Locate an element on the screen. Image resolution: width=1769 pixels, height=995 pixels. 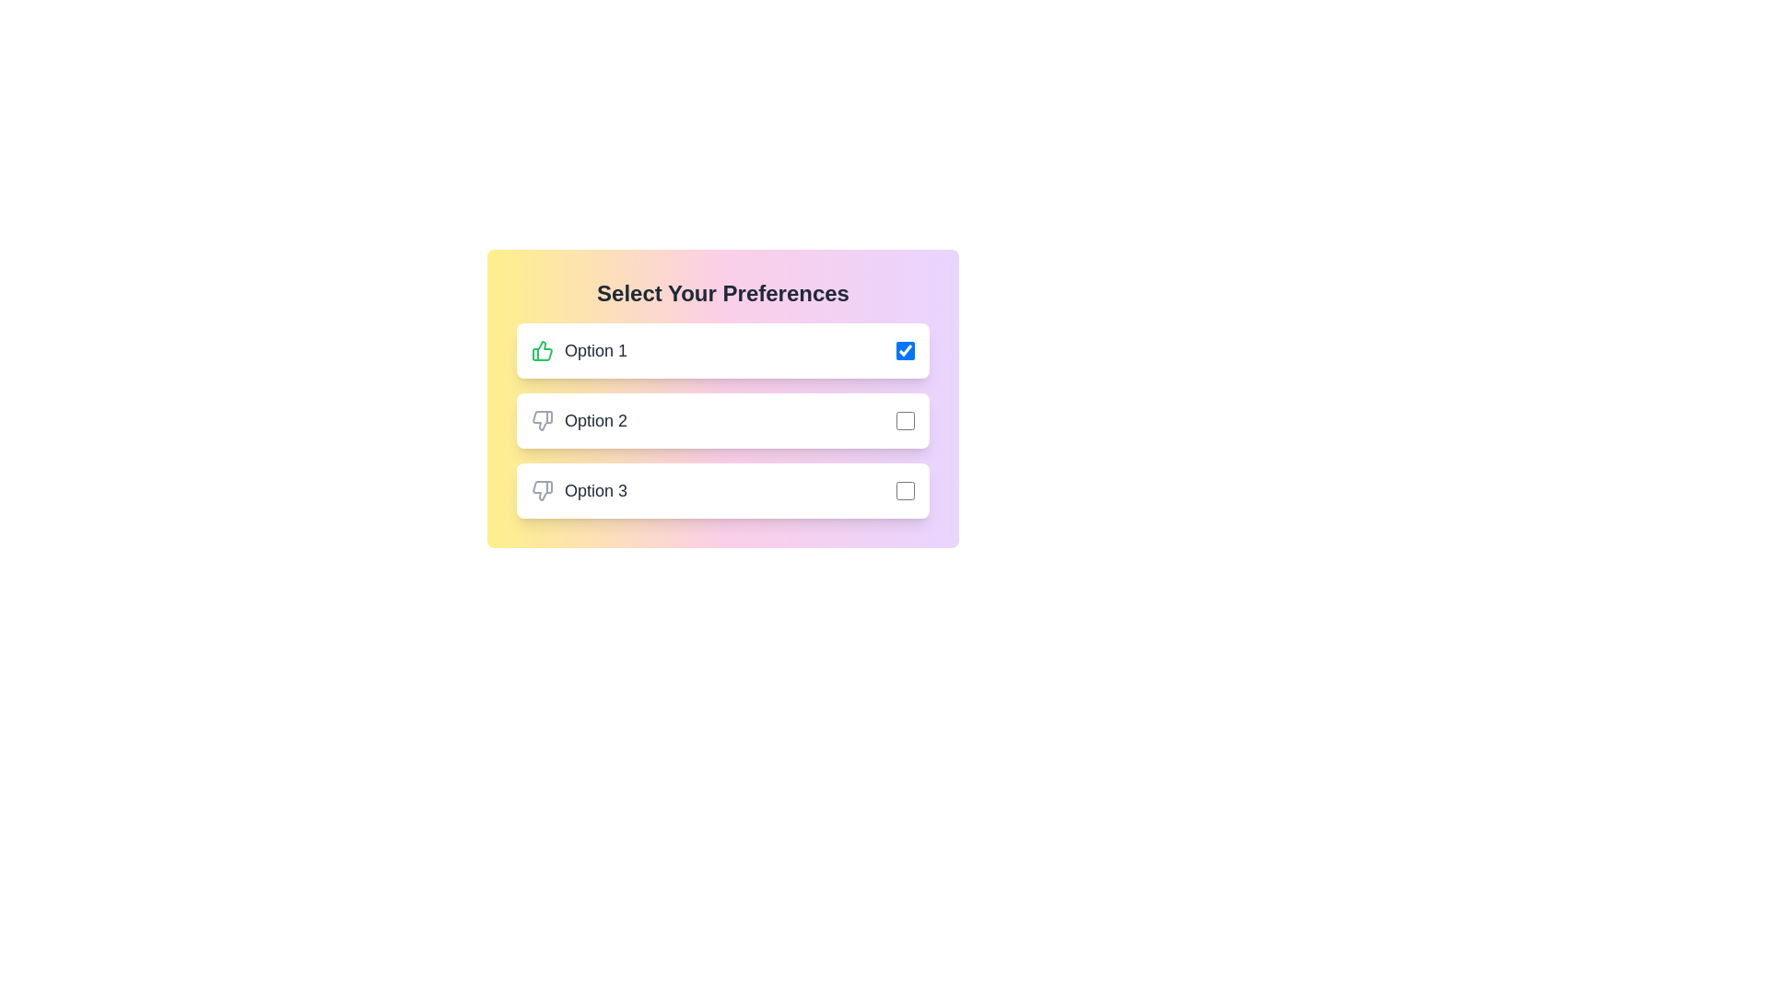
the checkboxes in the interactive card interface located centrally below the header, allowing for selection or deselection of options is located at coordinates (722, 397).